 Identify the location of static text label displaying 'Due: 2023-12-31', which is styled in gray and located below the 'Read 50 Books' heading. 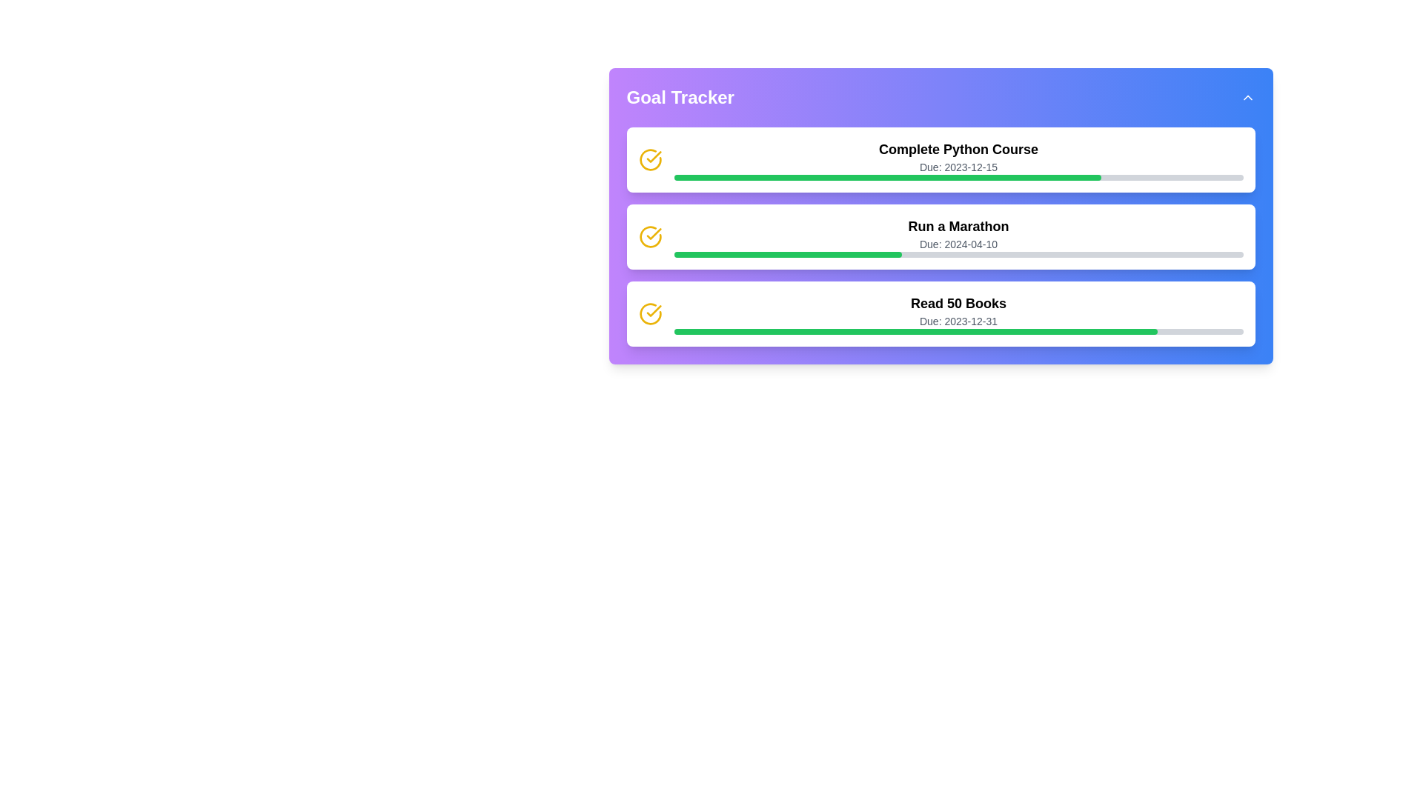
(958, 321).